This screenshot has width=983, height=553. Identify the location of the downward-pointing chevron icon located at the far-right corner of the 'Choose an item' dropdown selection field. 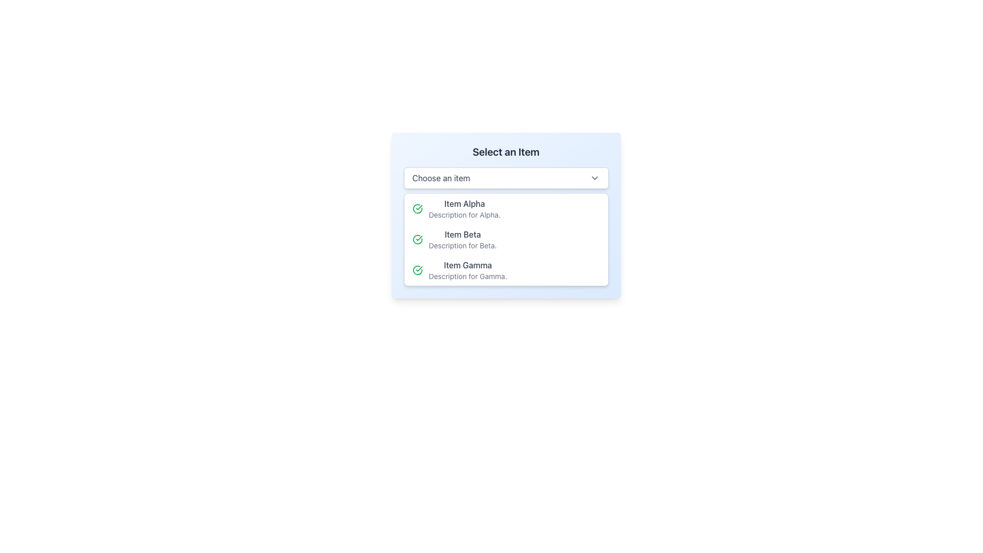
(594, 177).